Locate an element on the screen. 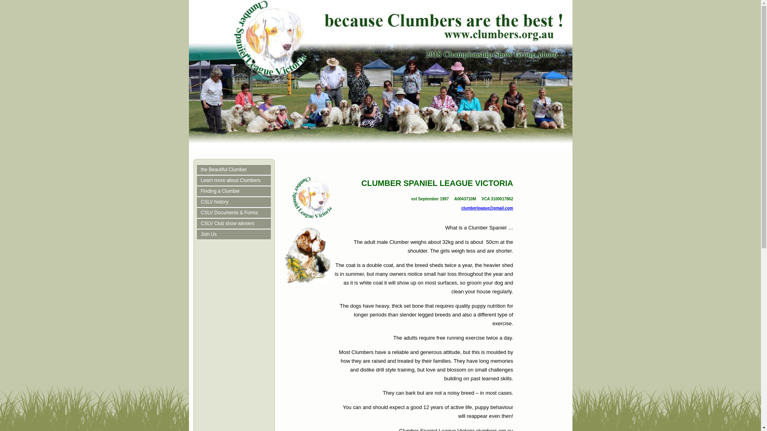  'Join Us' is located at coordinates (235, 234).